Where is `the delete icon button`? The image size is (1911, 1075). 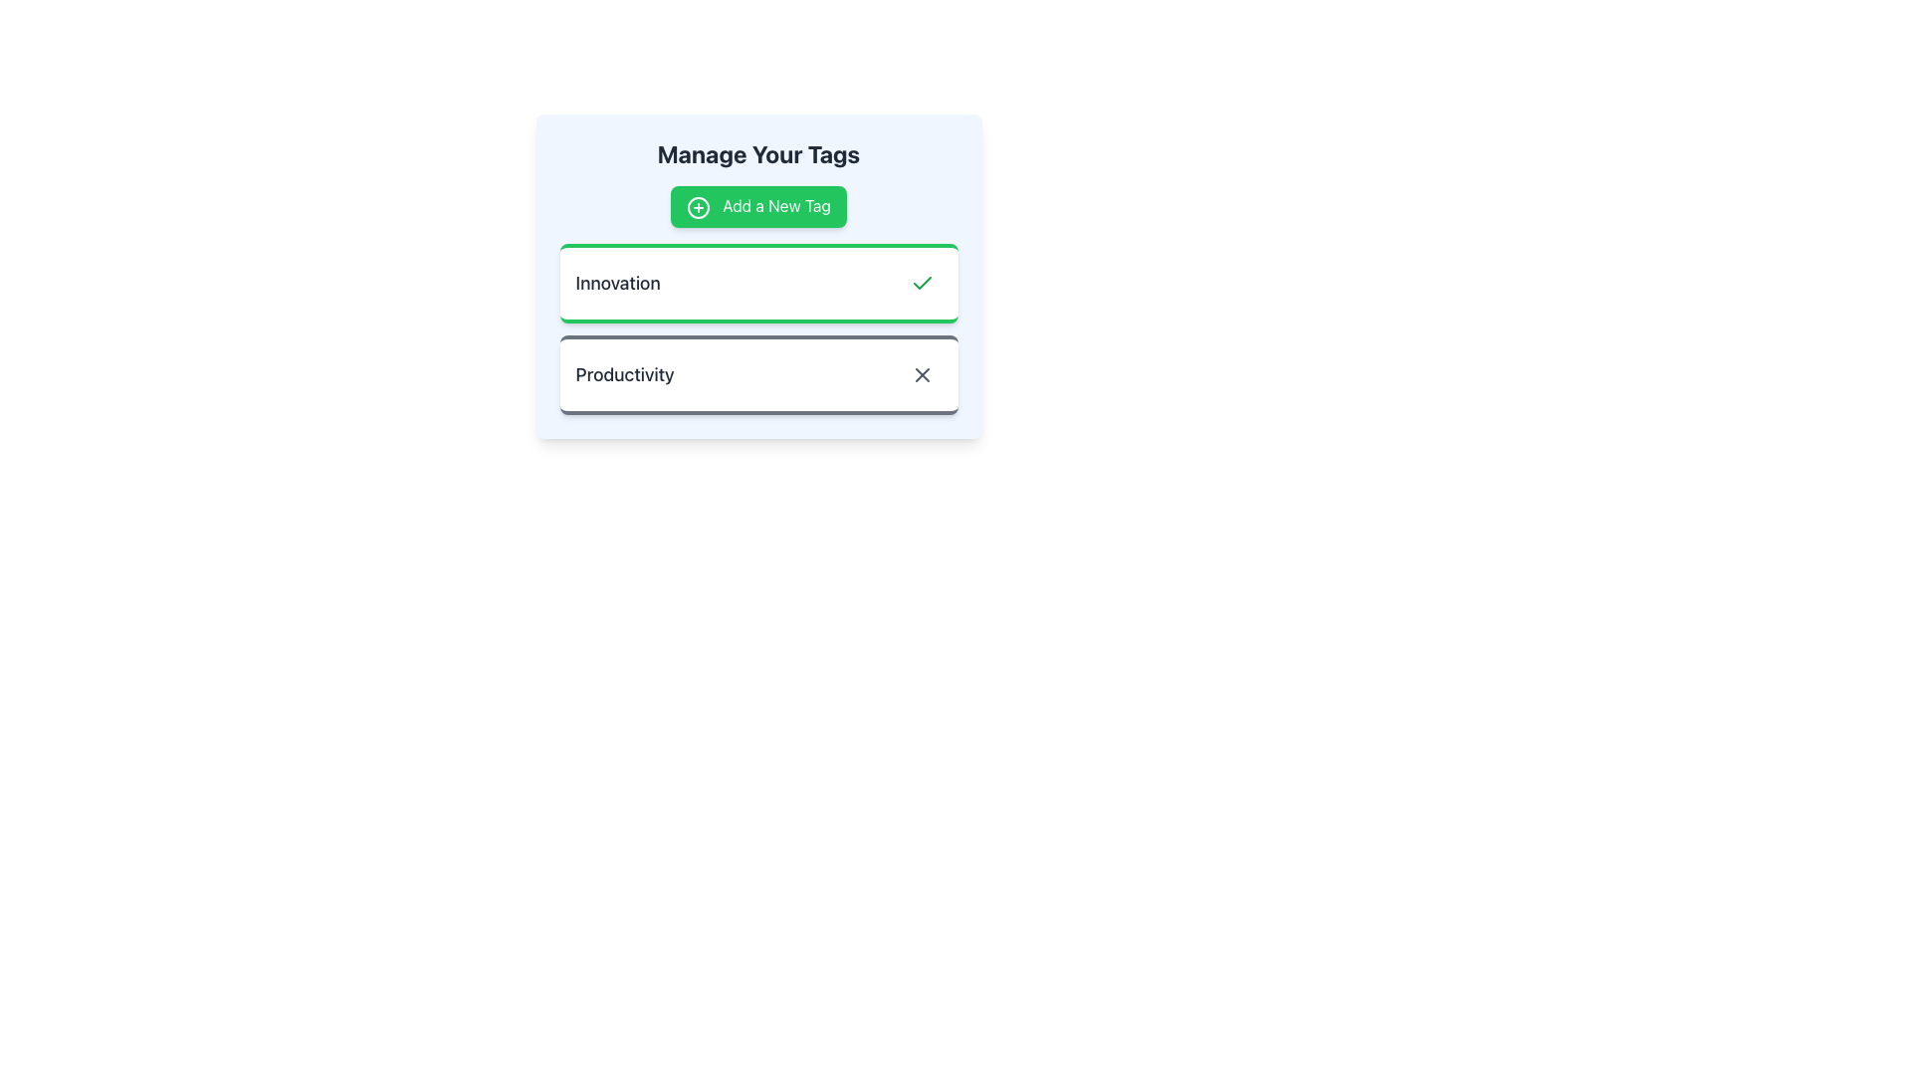
the delete icon button is located at coordinates (921, 374).